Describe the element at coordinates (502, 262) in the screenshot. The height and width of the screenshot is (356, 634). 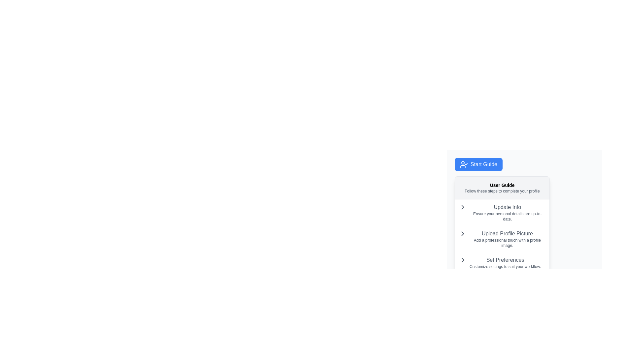
I see `the 'Set Preferences' button, which features a bold header and an arrow icon for navigation, located in the bottom section of the list under 'User Guide'` at that location.